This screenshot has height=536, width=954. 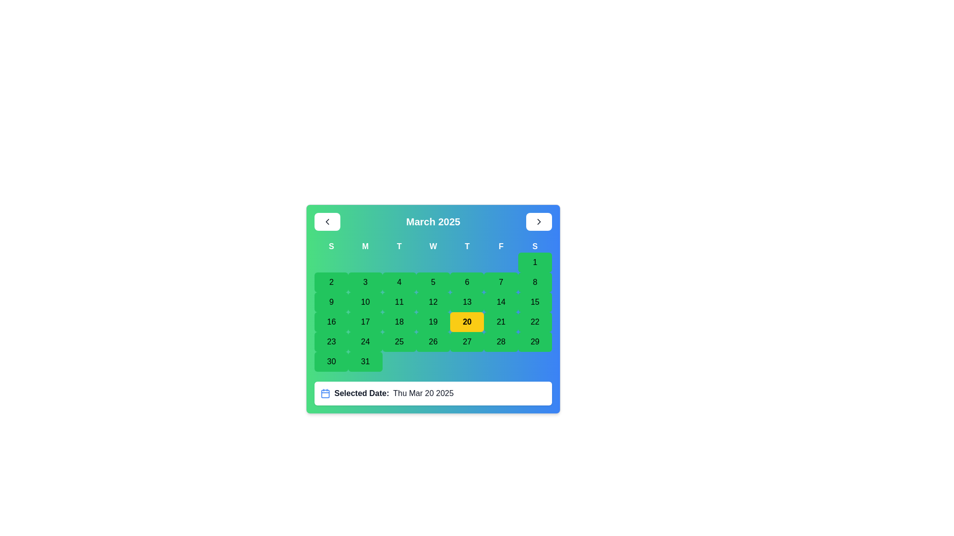 What do you see at coordinates (433, 341) in the screenshot?
I see `the green square button labeled '26'` at bounding box center [433, 341].